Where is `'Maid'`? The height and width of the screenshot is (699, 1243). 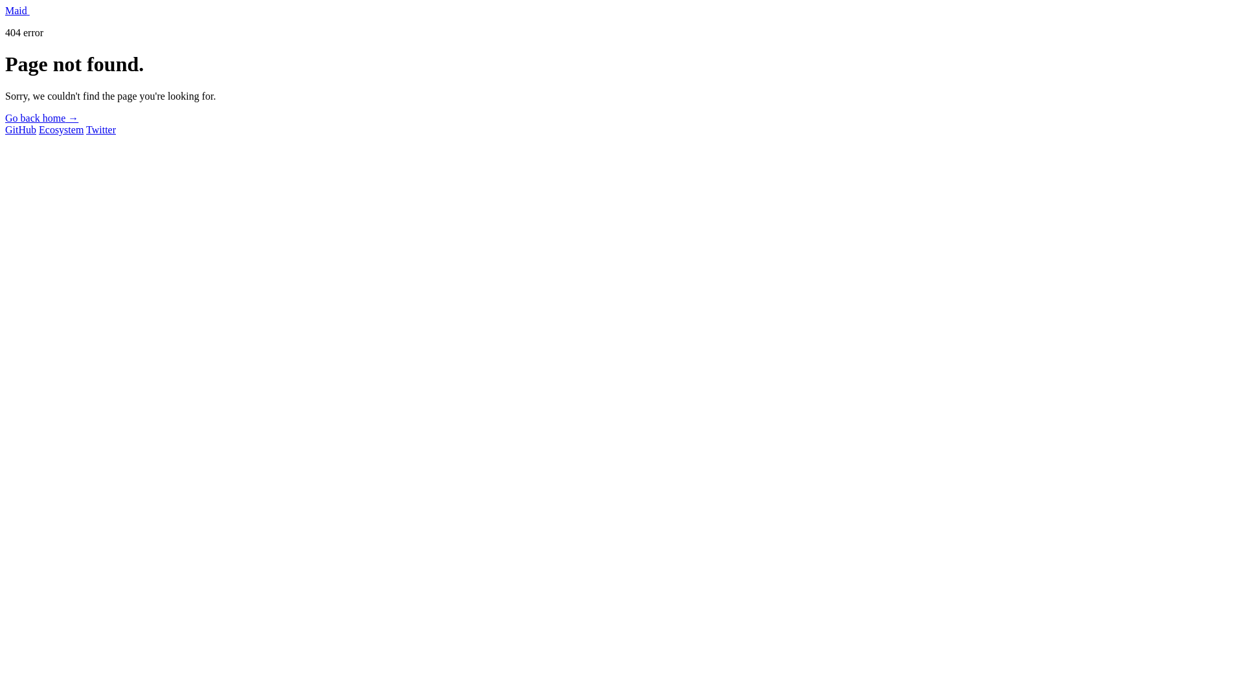
'Maid' is located at coordinates (17, 10).